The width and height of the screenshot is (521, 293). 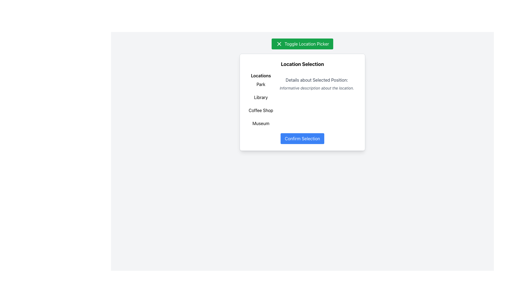 What do you see at coordinates (317, 80) in the screenshot?
I see `text label that serves as a heading for the information description, located at the center of the modal` at bounding box center [317, 80].